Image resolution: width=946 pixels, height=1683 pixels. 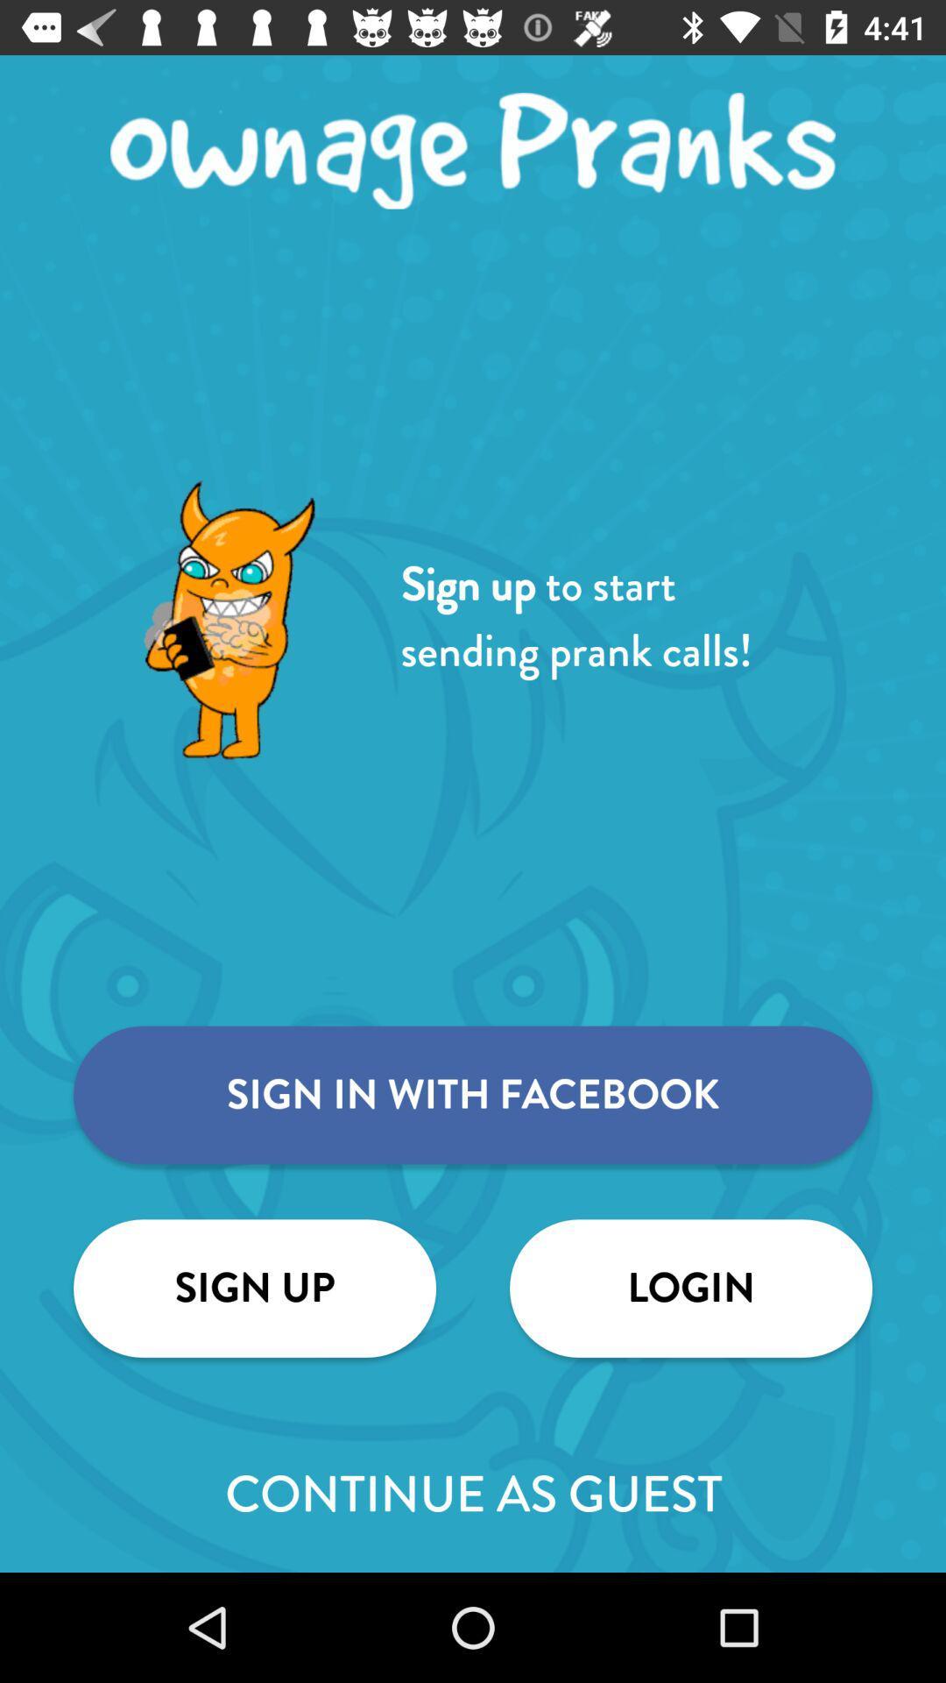 What do you see at coordinates (474, 1494) in the screenshot?
I see `item below the sign up` at bounding box center [474, 1494].